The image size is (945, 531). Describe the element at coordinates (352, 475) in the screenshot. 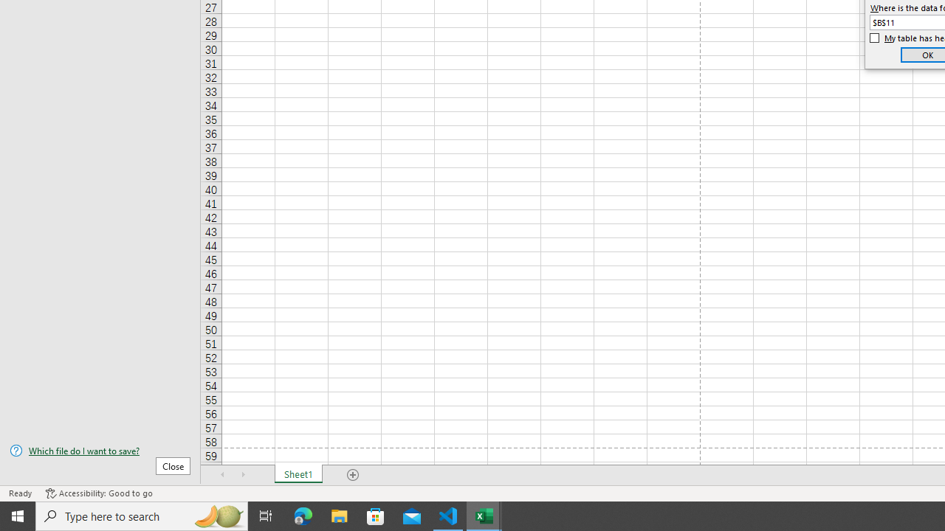

I see `'Add Sheet'` at that location.